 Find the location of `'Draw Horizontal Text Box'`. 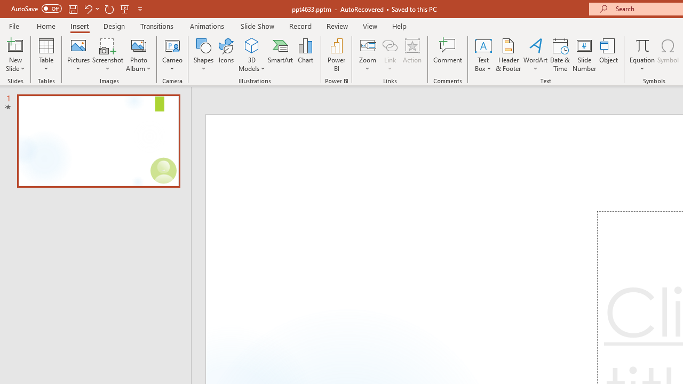

'Draw Horizontal Text Box' is located at coordinates (482, 45).